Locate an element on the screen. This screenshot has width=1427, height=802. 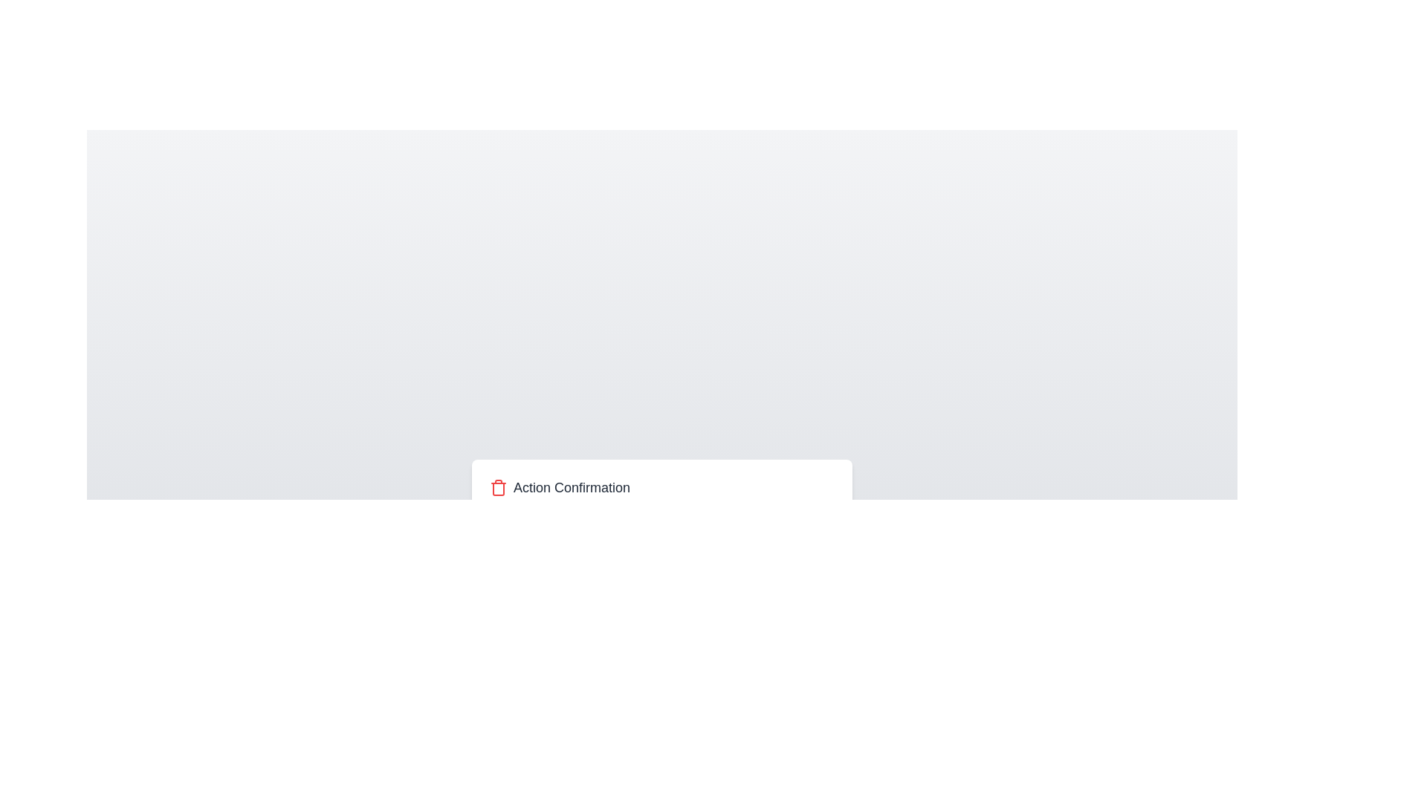
the associated icon in the header of the modal dialog that signifies action confirmation is located at coordinates (661, 487).